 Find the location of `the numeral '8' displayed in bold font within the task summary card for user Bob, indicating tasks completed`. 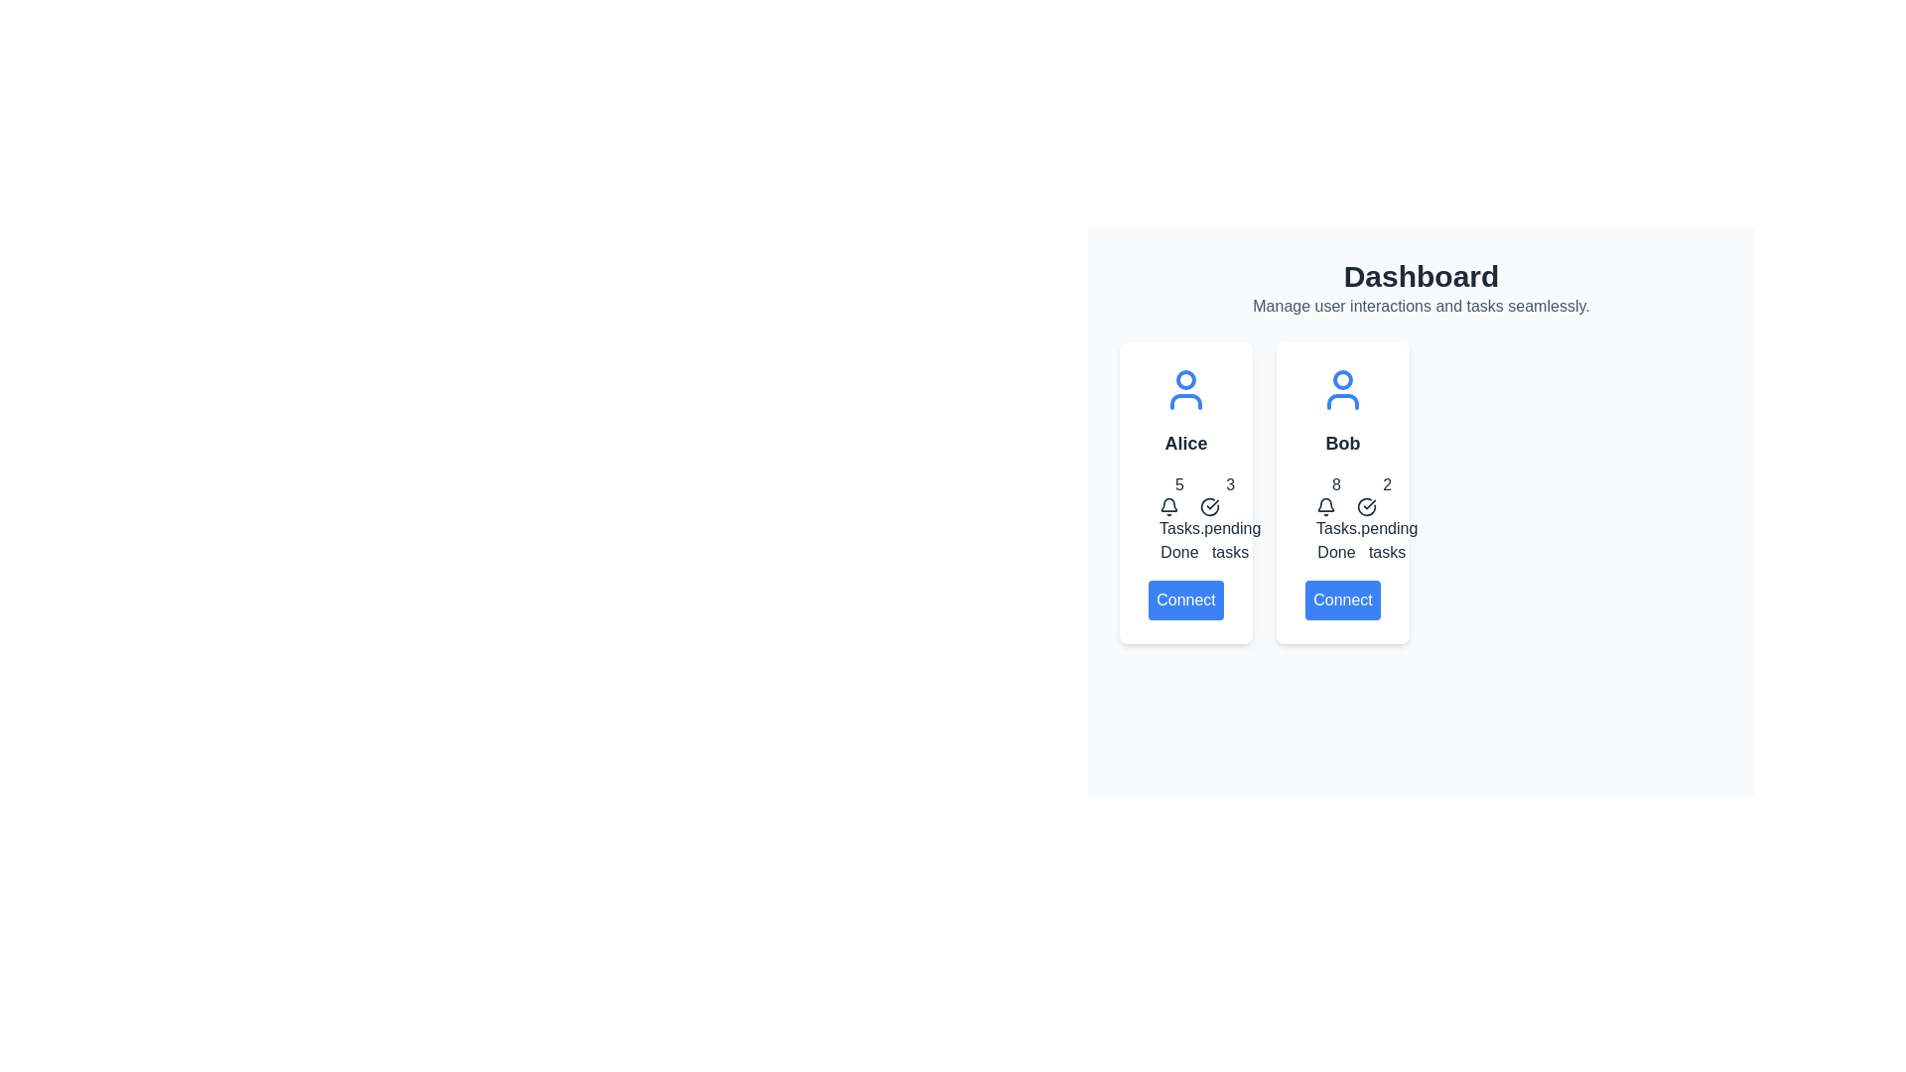

the numeral '8' displayed in bold font within the task summary card for user Bob, indicating tasks completed is located at coordinates (1336, 485).